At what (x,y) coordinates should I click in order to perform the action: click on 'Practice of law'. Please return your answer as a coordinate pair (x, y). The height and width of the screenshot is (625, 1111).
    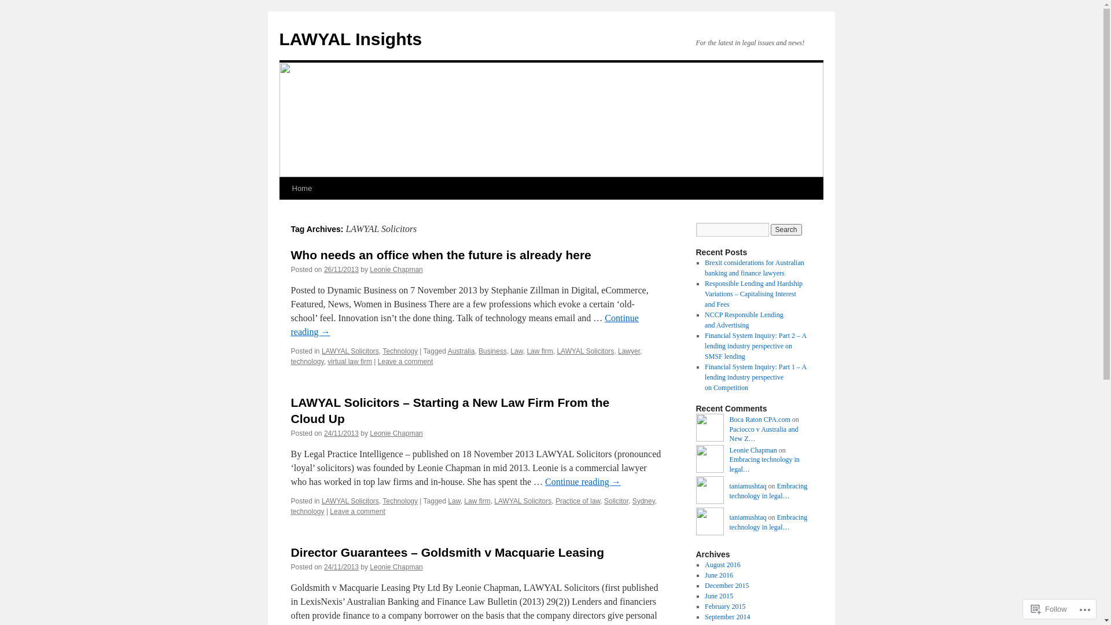
    Looking at the image, I should click on (577, 501).